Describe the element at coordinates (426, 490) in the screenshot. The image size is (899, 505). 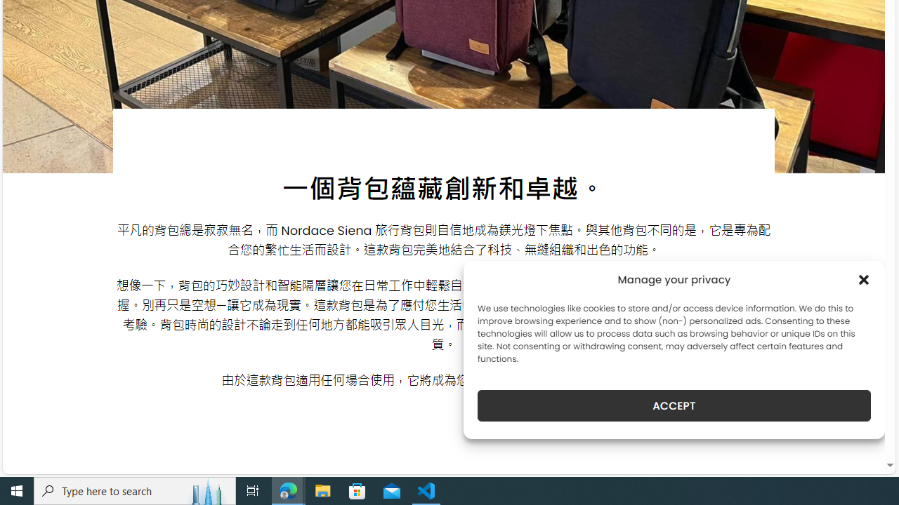
I see `'Visual Studio Code - 1 running window'` at that location.